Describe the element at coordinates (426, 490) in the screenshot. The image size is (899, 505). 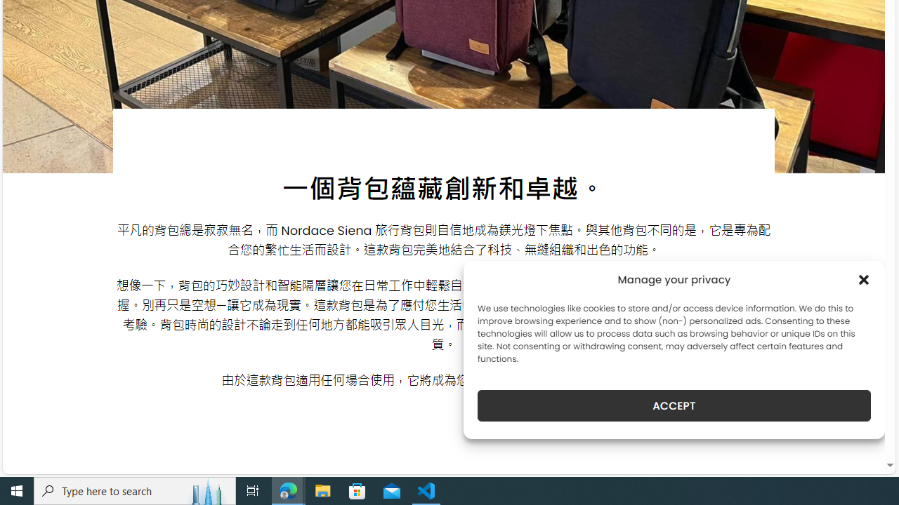
I see `'Visual Studio Code - 1 running window'` at that location.